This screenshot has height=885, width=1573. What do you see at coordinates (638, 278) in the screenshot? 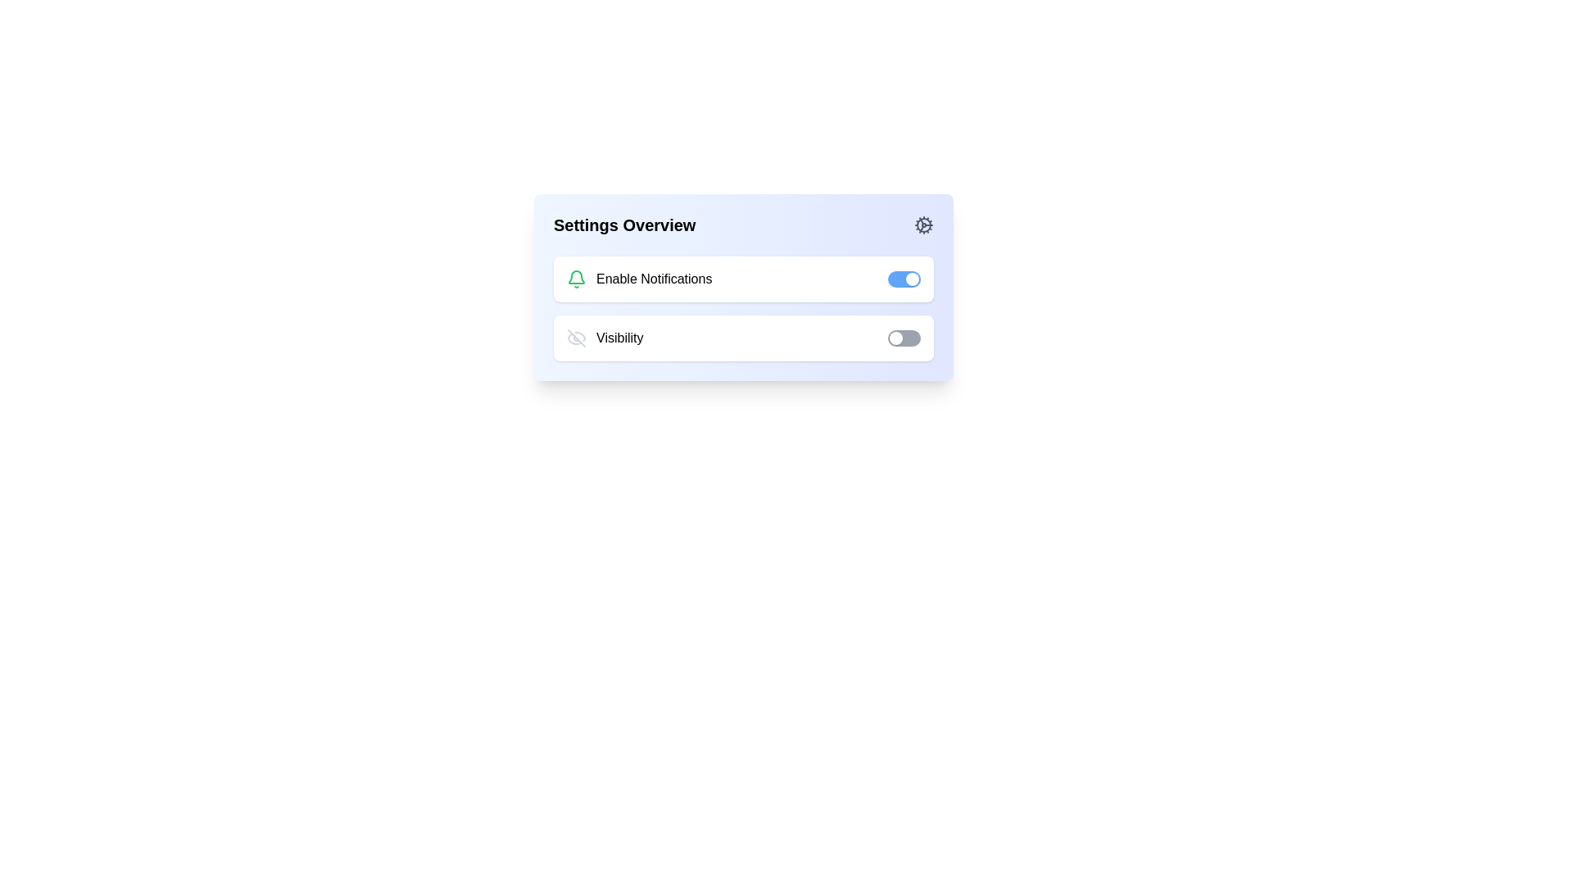
I see `the 'Enable Notifications' label with the green bell icon, located to the left of the blue toggle switch in the settings interface` at bounding box center [638, 278].